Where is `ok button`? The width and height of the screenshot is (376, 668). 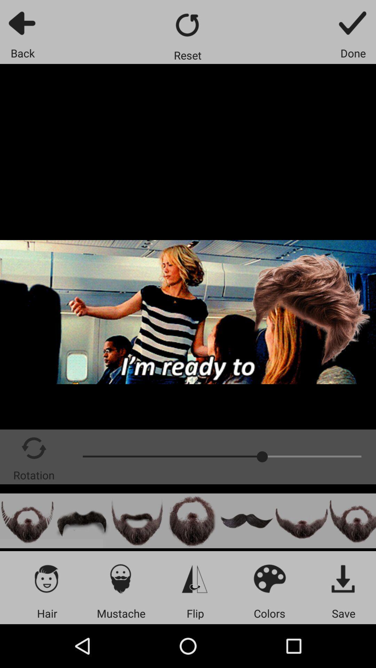
ok button is located at coordinates (353, 23).